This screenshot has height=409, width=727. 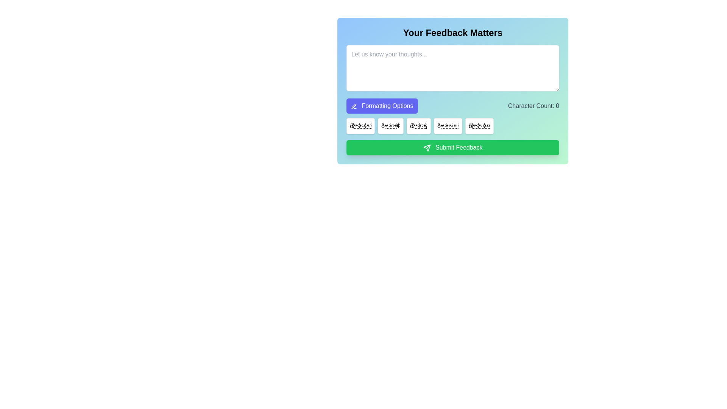 What do you see at coordinates (448, 125) in the screenshot?
I see `rounded button with a white background and thumbs-up emoji, located underneath the 'Your Feedback Matters' text input, for accessibility or design purposes` at bounding box center [448, 125].